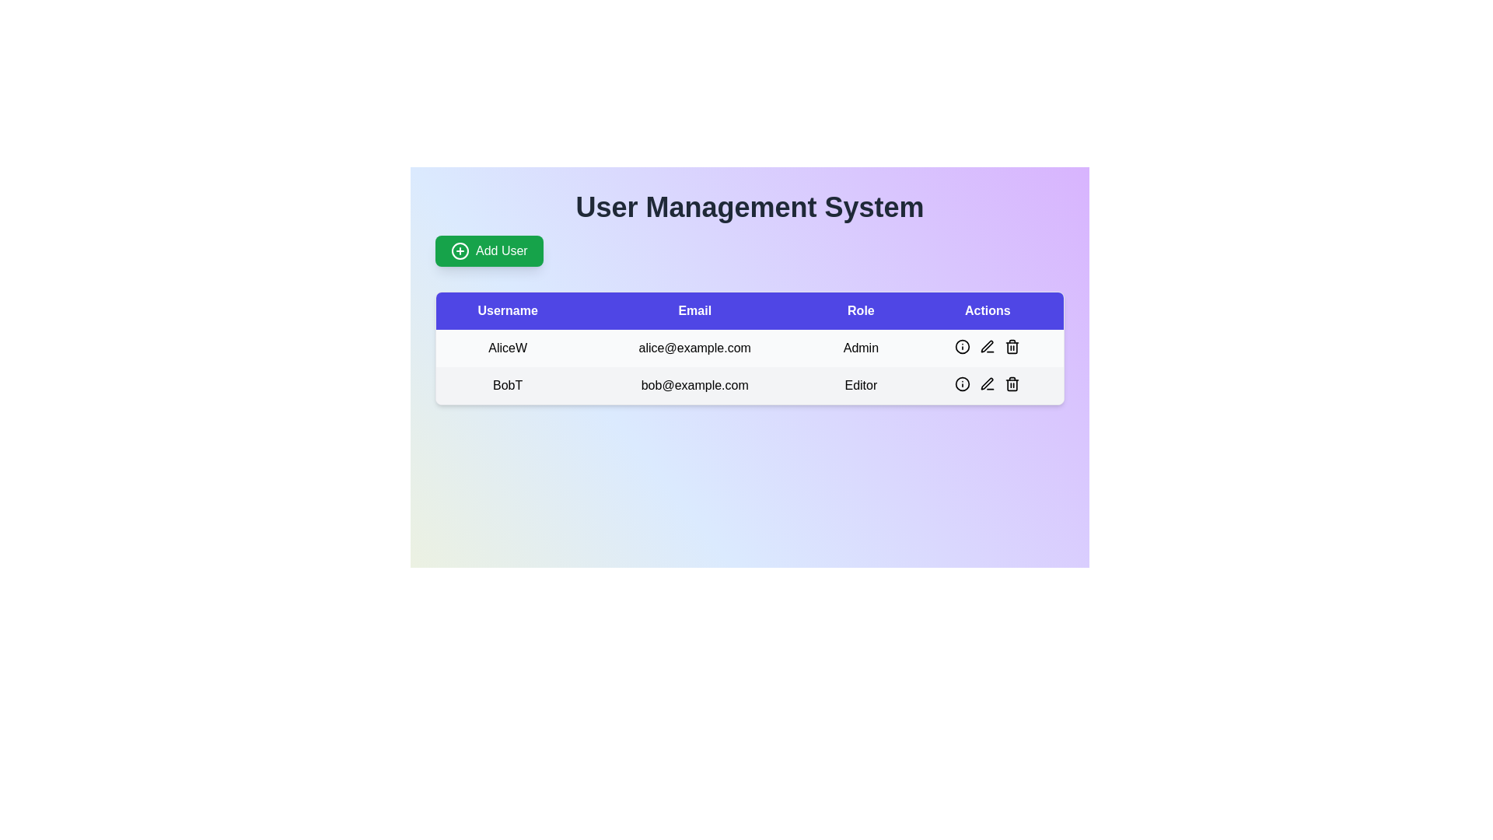 This screenshot has width=1493, height=840. What do you see at coordinates (459, 250) in the screenshot?
I see `the 'Add User' SVG graphic element located within the 'Add User' button, which symbolizes adding functionality` at bounding box center [459, 250].